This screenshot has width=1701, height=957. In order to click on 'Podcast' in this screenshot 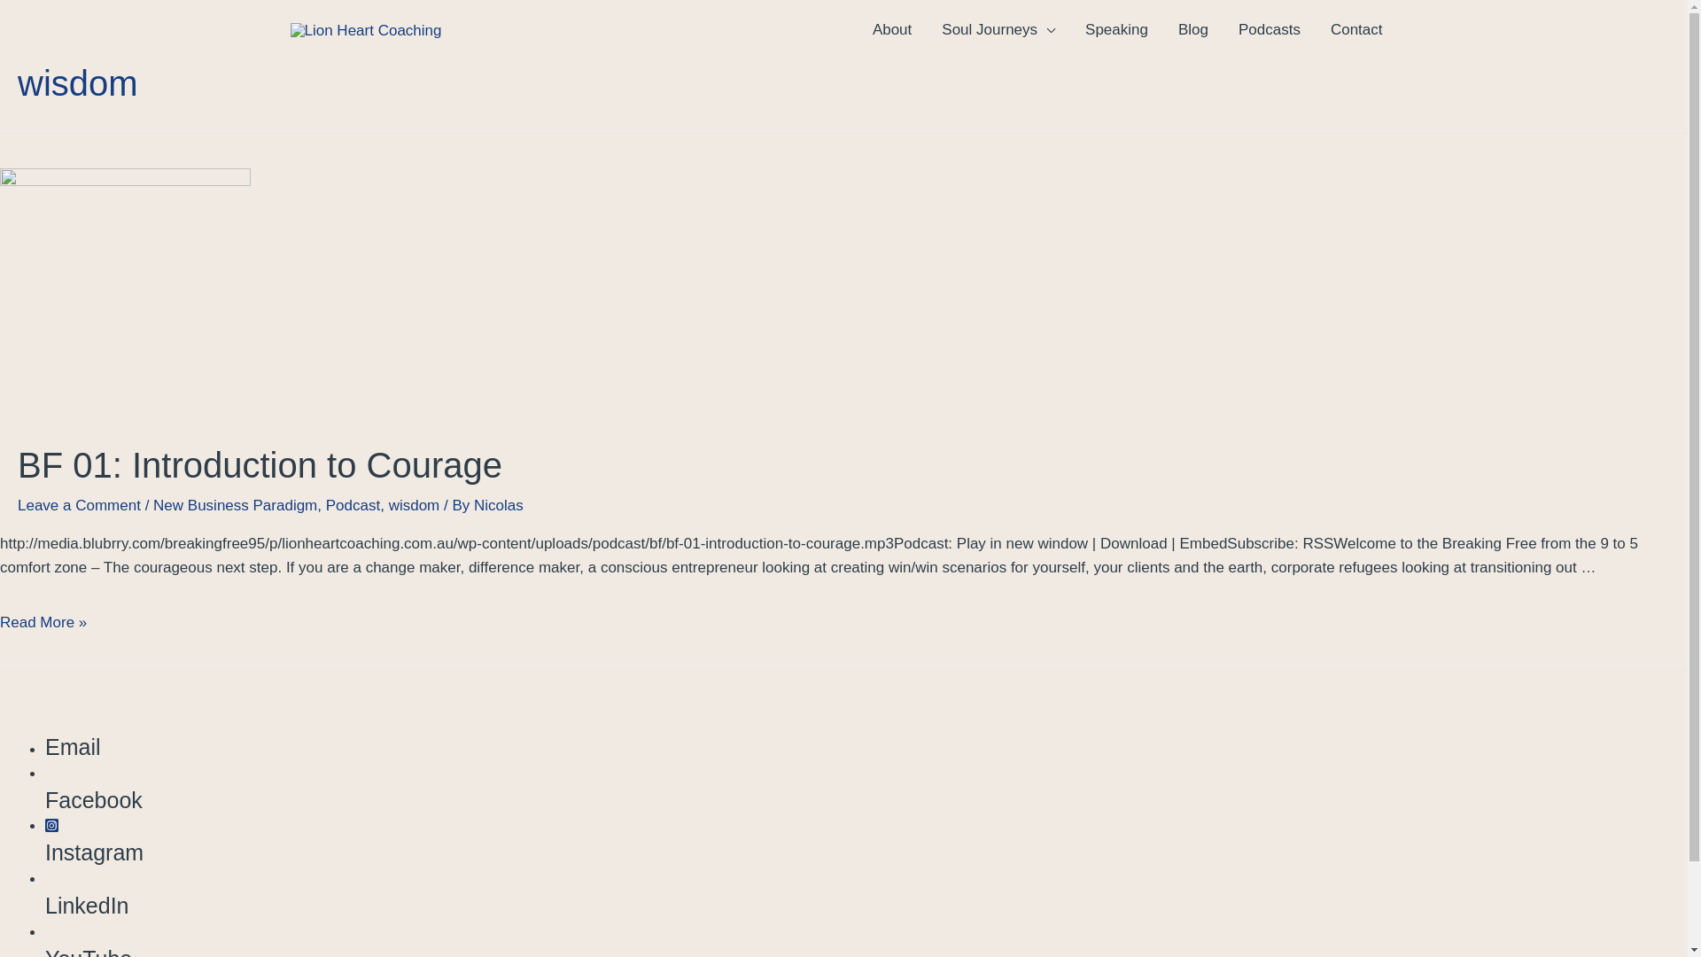, I will do `click(326, 505)`.